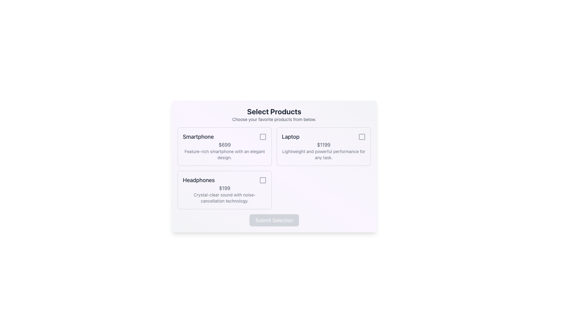  Describe the element at coordinates (224, 198) in the screenshot. I see `the text label that reads 'Crystal-clear sound with noise-cancellation technology.' located within the 'Headphones' product selection card, directly below the price '$199'` at that location.